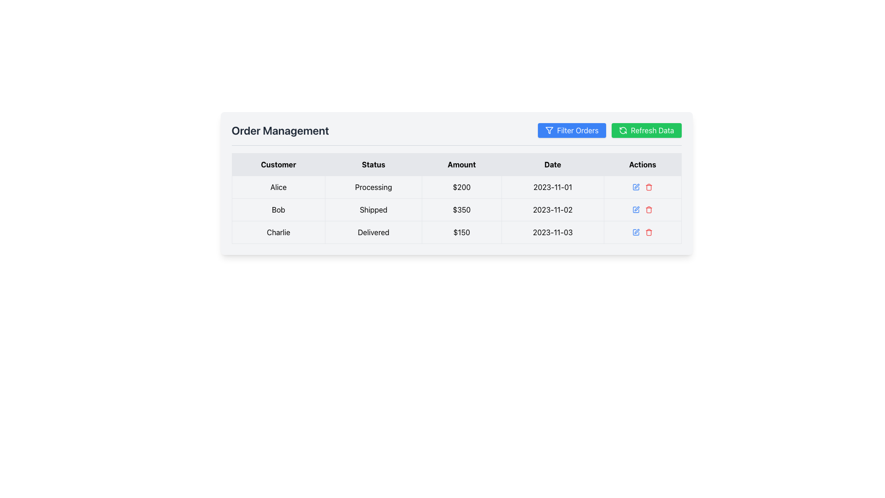 This screenshot has width=885, height=498. What do you see at coordinates (456, 164) in the screenshot?
I see `labels of the table header row which includes 'Customer', 'Status', 'Amount', 'Date', and 'Actions' located at the top of the data table under 'Order Management'` at bounding box center [456, 164].